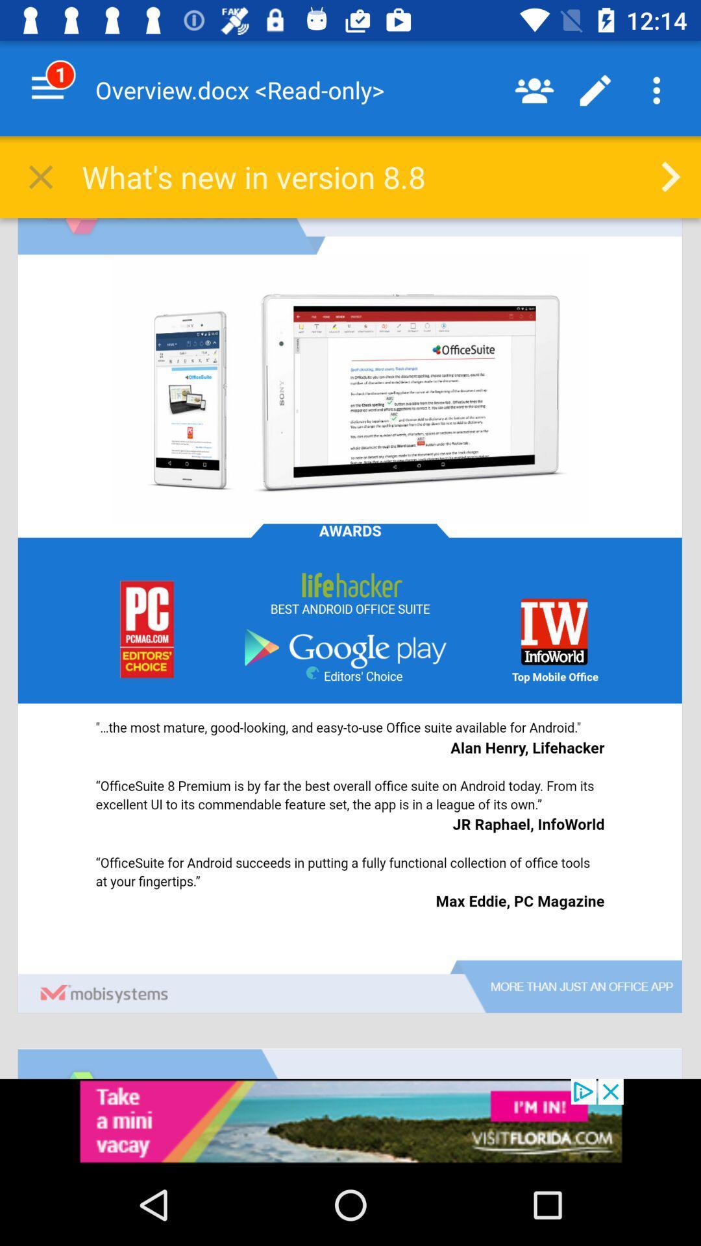 This screenshot has width=701, height=1246. Describe the element at coordinates (40, 180) in the screenshot. I see `the close icon` at that location.